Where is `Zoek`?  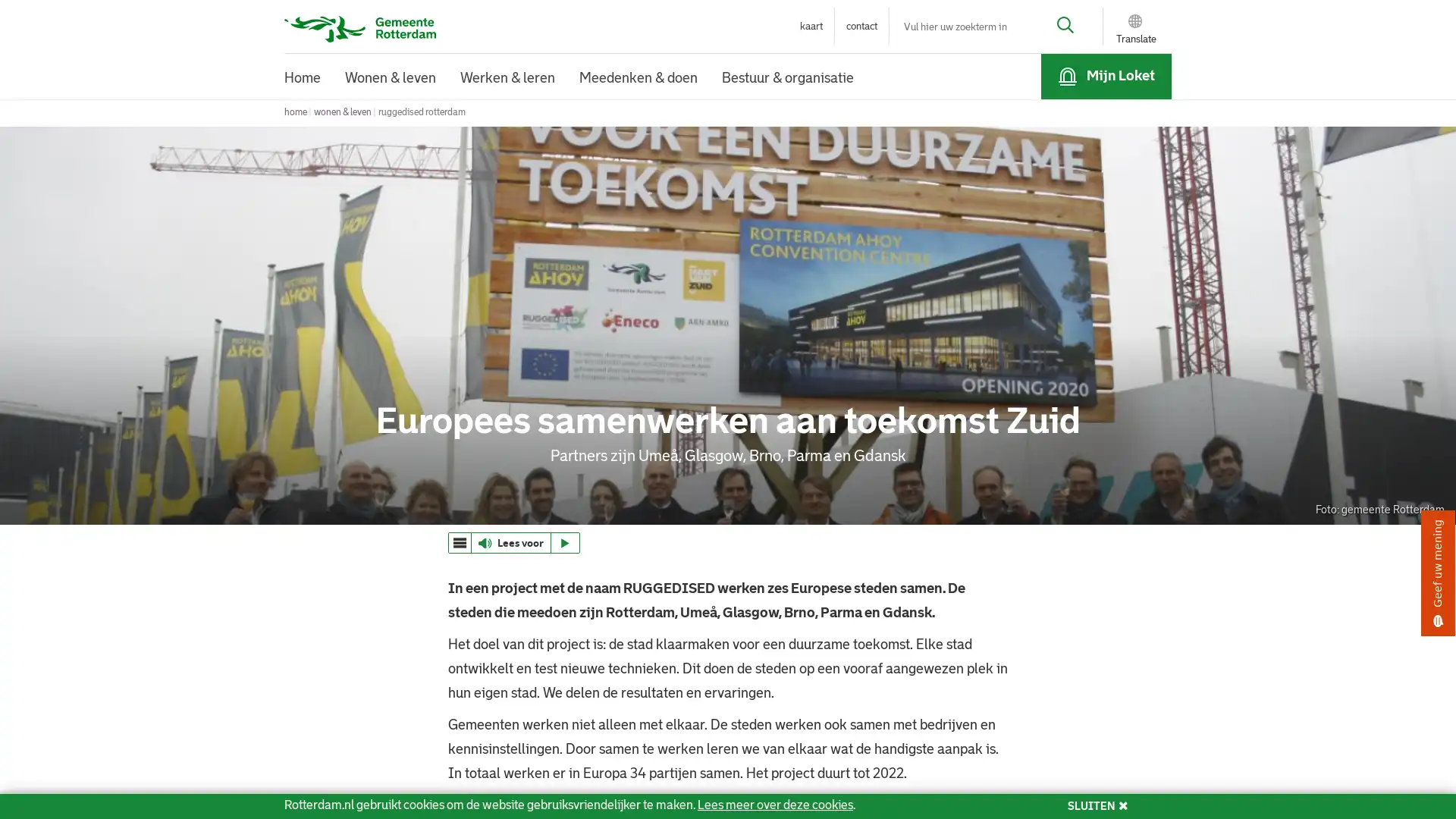
Zoek is located at coordinates (1053, 27).